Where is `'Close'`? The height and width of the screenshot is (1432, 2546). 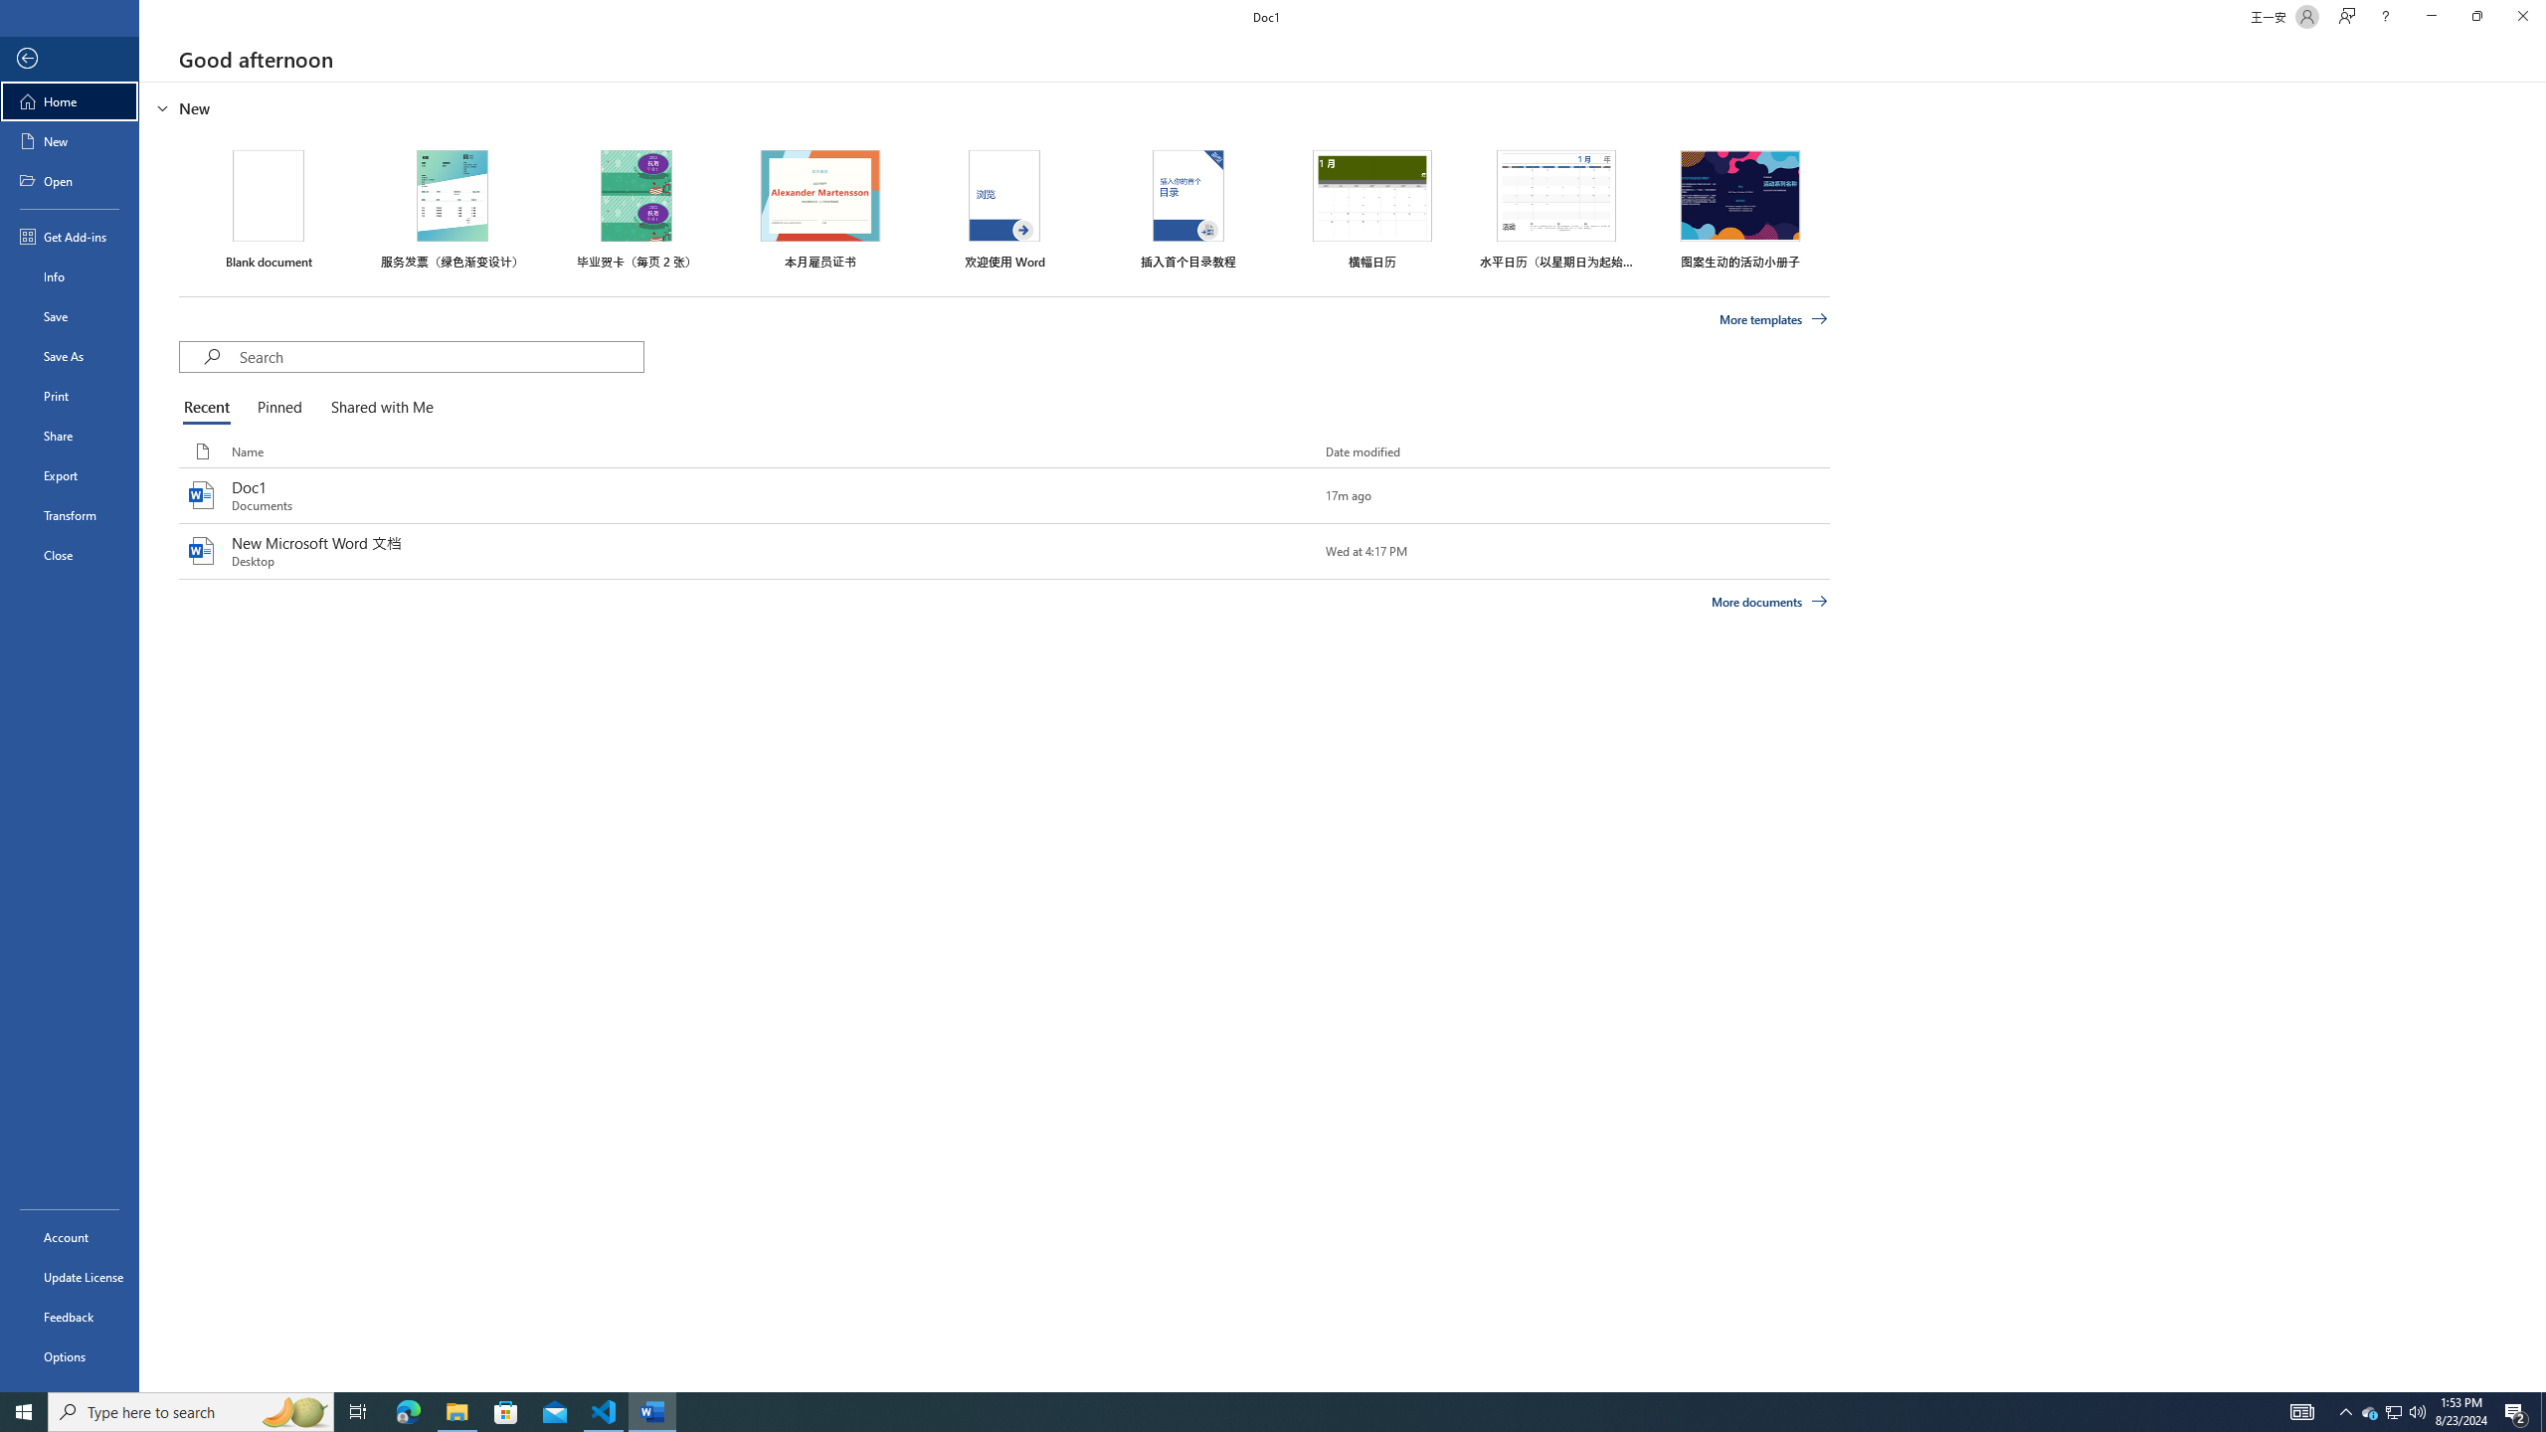
'Close' is located at coordinates (69, 555).